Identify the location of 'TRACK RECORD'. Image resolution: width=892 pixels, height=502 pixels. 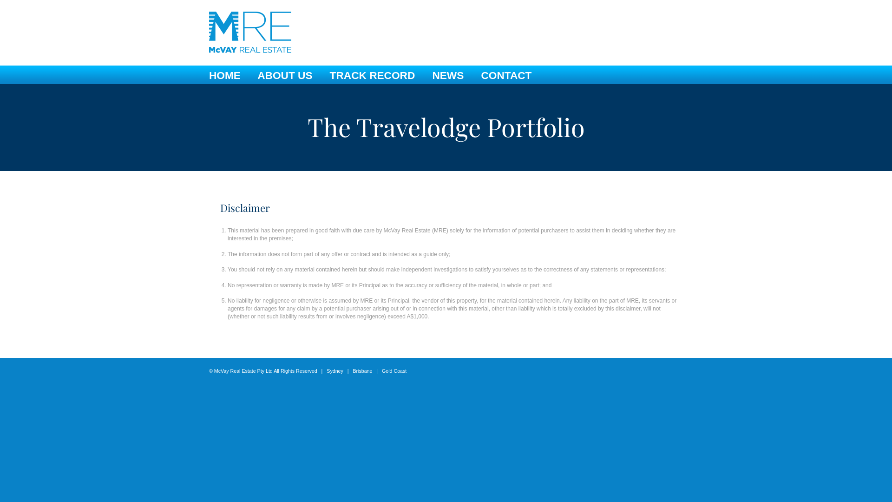
(372, 75).